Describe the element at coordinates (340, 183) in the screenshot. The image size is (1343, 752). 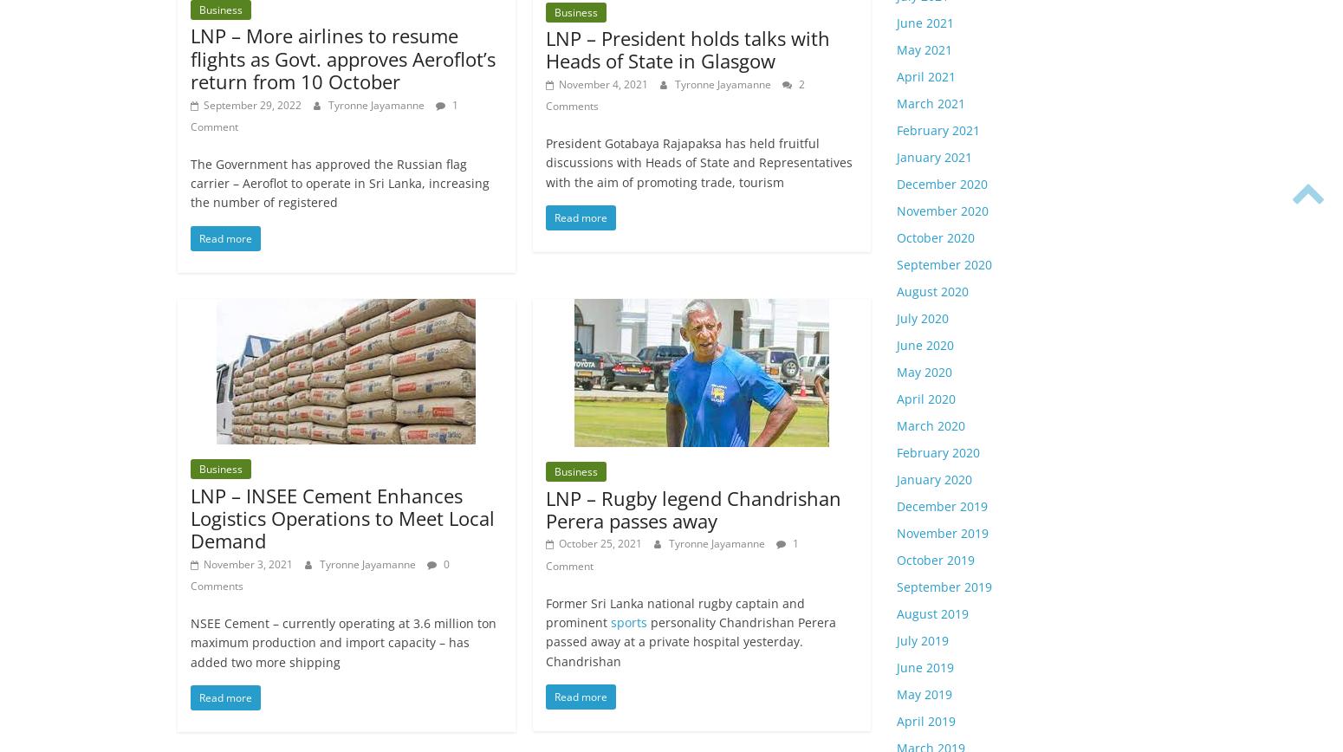
I see `'The Government has approved the Russian flag carrier – Aeroflot to operate in Sri Lanka, increasing the number of registered'` at that location.